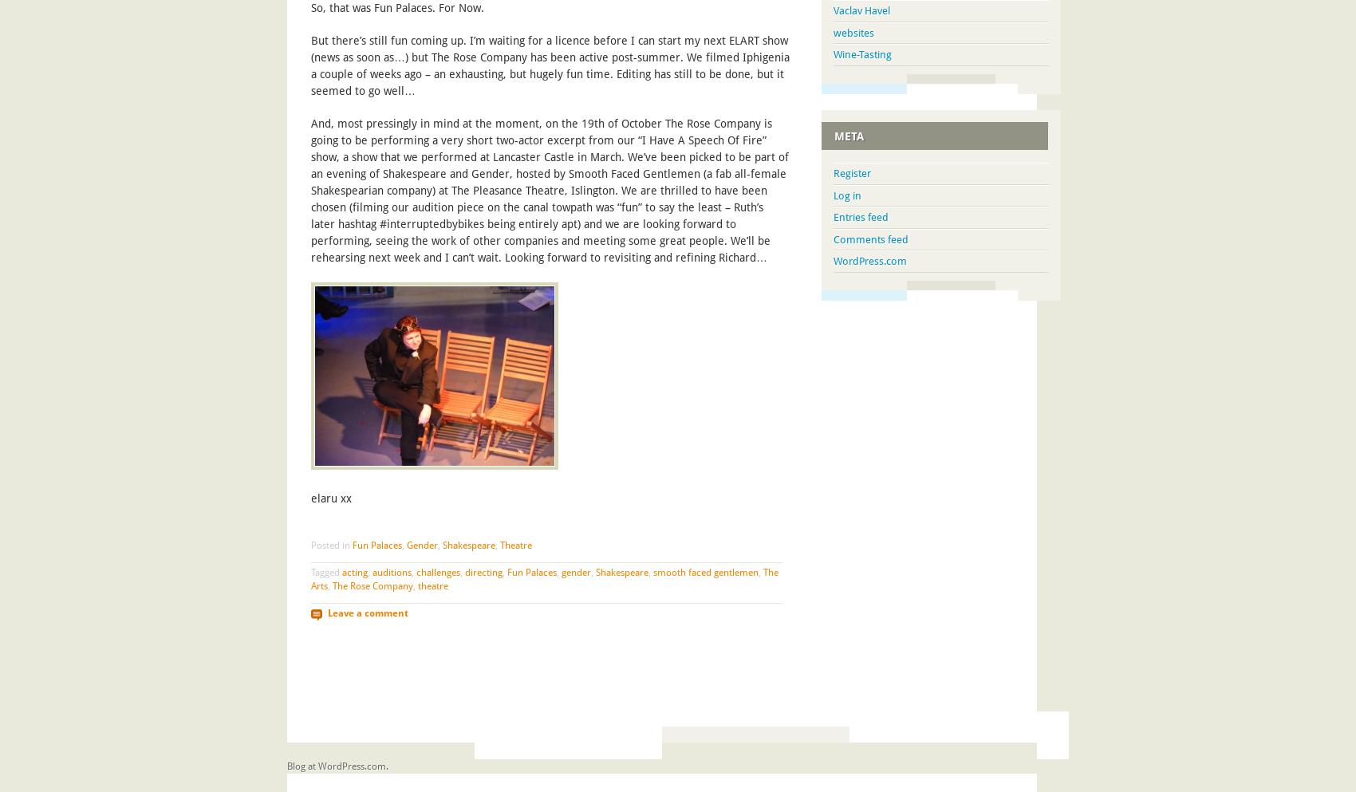 The height and width of the screenshot is (792, 1356). What do you see at coordinates (330, 497) in the screenshot?
I see `'elaru xx'` at bounding box center [330, 497].